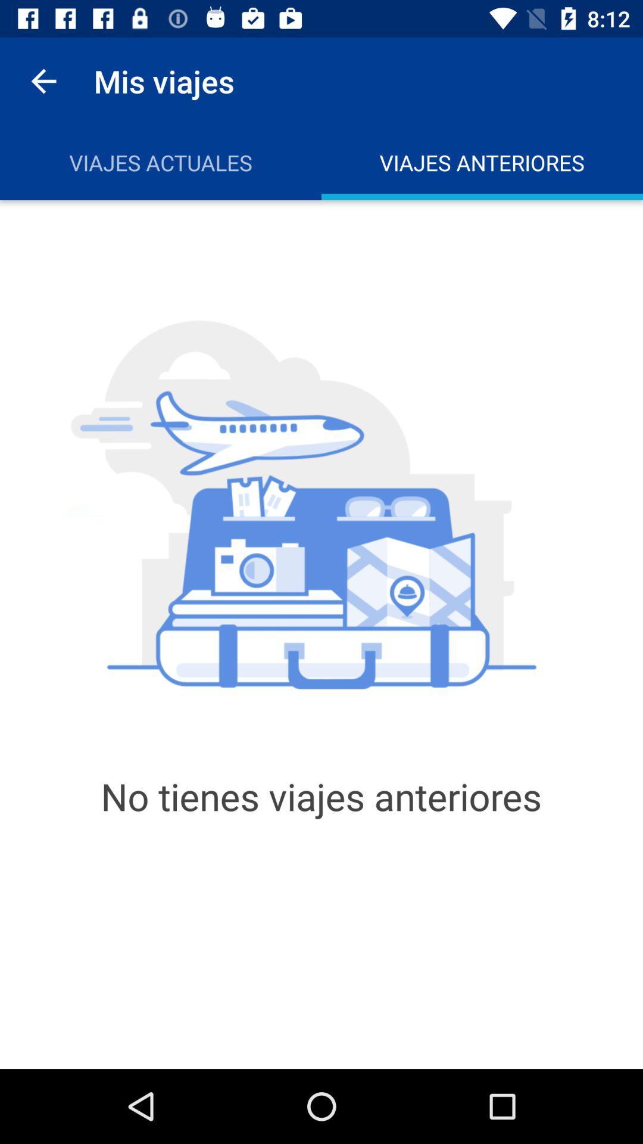 The image size is (643, 1144). I want to click on app to the left of the mis viajes icon, so click(43, 80).